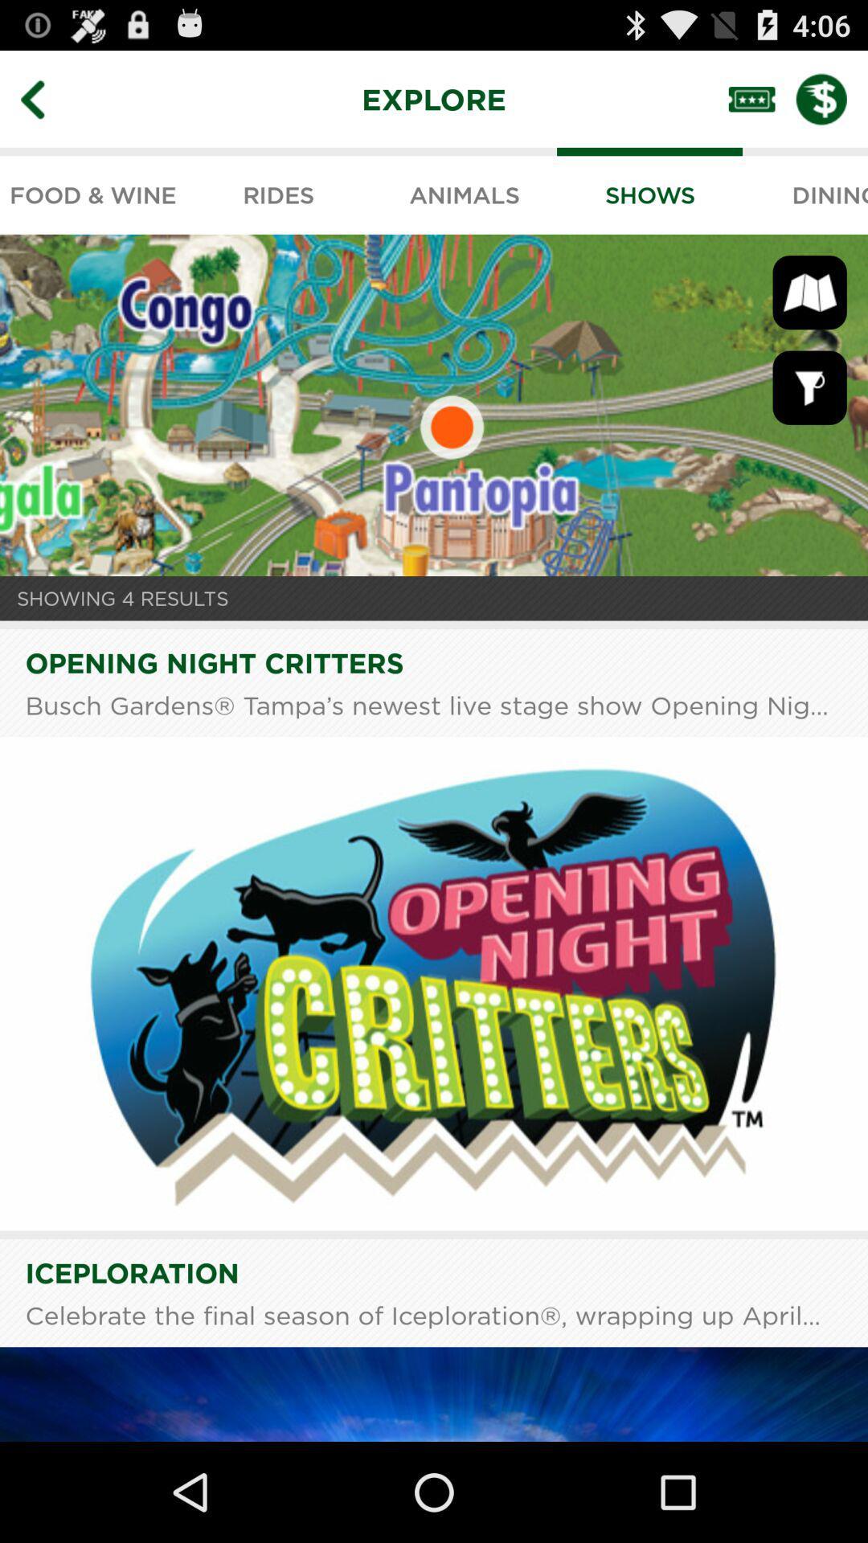 The width and height of the screenshot is (868, 1543). Describe the element at coordinates (809, 415) in the screenshot. I see `the filter icon` at that location.